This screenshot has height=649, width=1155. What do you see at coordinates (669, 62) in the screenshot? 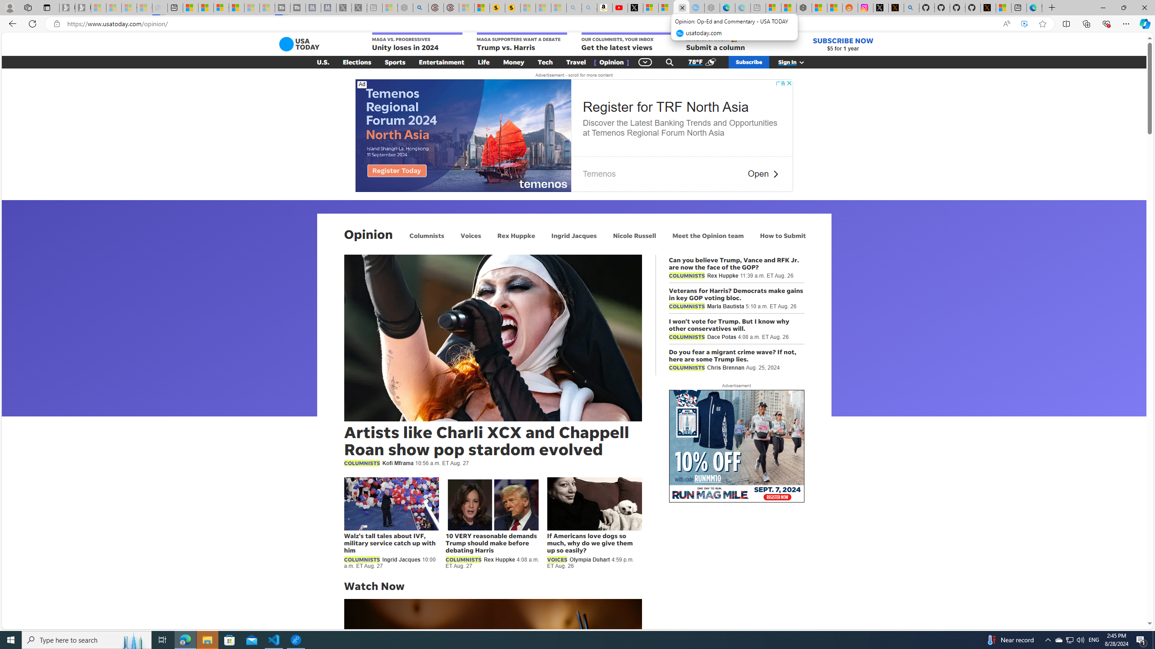
I see `'Search'` at bounding box center [669, 62].